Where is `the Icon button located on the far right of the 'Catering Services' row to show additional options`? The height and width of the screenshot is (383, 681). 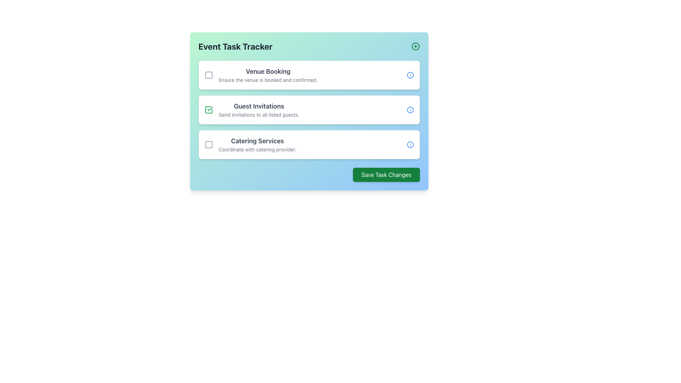 the Icon button located on the far right of the 'Catering Services' row to show additional options is located at coordinates (410, 144).